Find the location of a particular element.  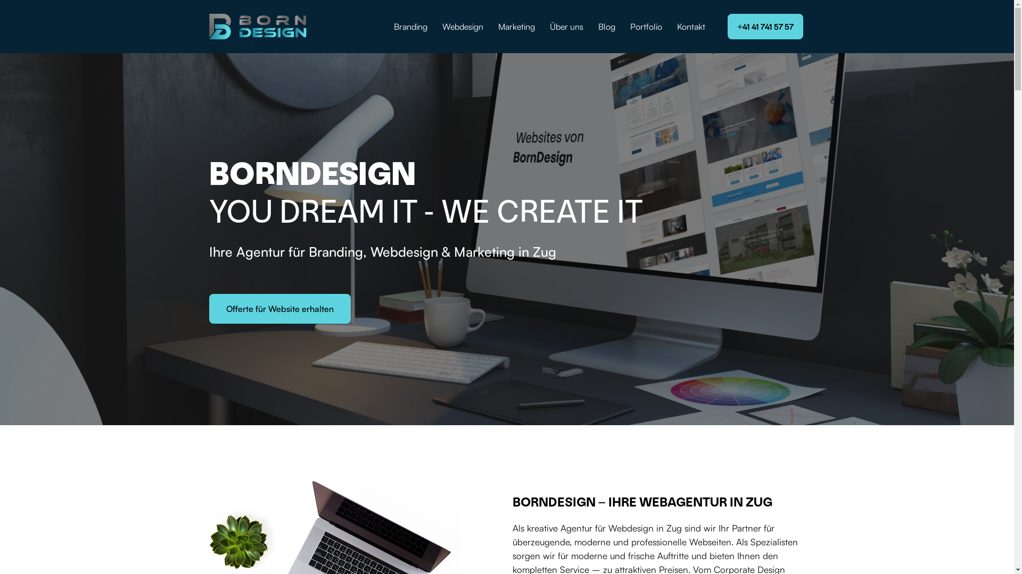

'Portfolio' is located at coordinates (646, 26).